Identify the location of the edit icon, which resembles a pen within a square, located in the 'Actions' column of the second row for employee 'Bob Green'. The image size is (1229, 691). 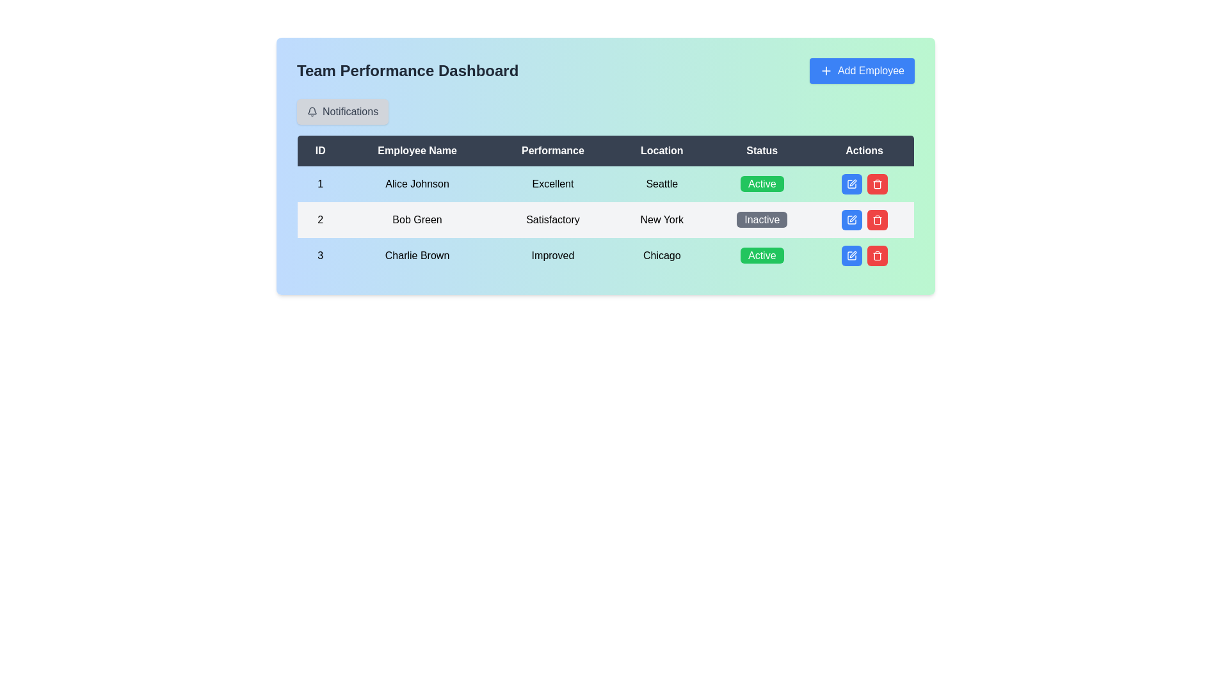
(851, 219).